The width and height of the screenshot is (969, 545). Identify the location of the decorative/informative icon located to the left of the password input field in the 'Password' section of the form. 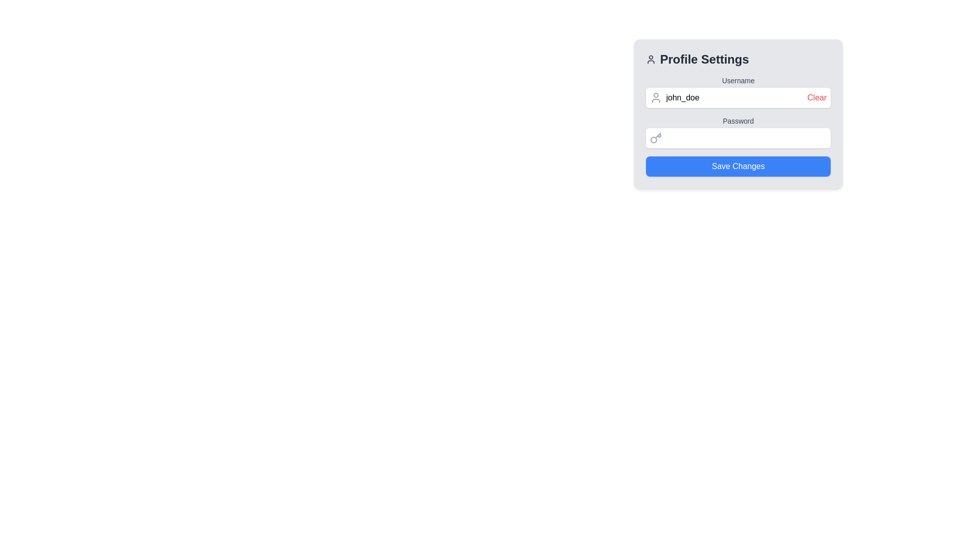
(656, 138).